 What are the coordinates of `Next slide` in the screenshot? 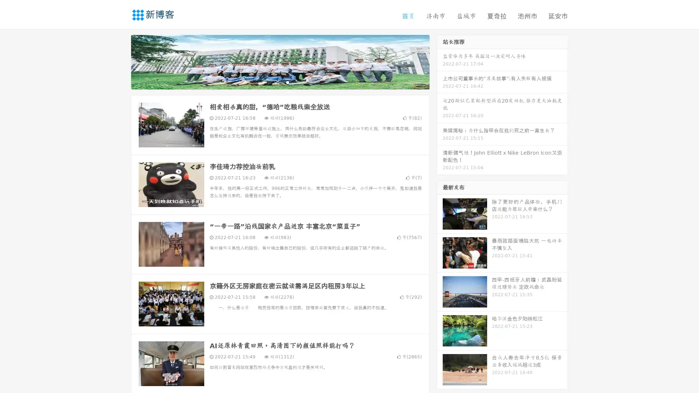 It's located at (440, 61).